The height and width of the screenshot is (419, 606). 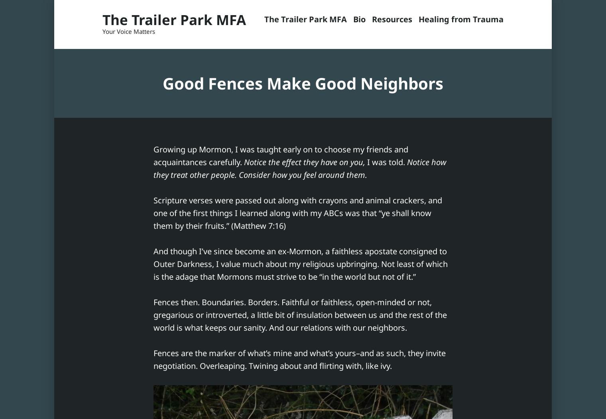 I want to click on 'Fences then. Boundaries. Borders. Faithful or faithless, open-minded or not, gregarious or introverted, a little bit of insulation between us and the rest of the world is what keeps our sanity. And our relations with our neighbors.', so click(x=300, y=315).